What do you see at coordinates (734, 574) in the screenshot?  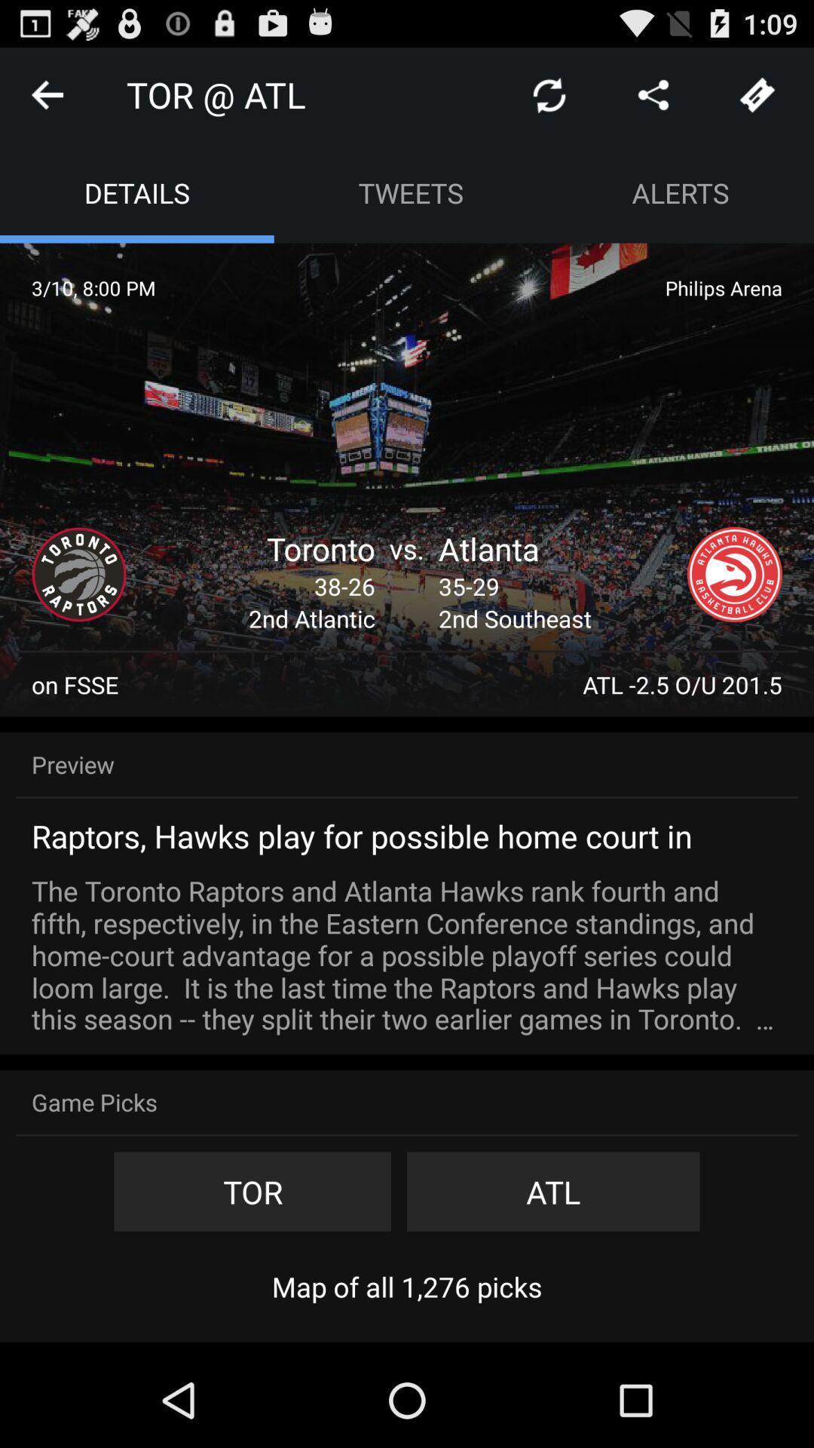 I see `tap to view team info` at bounding box center [734, 574].